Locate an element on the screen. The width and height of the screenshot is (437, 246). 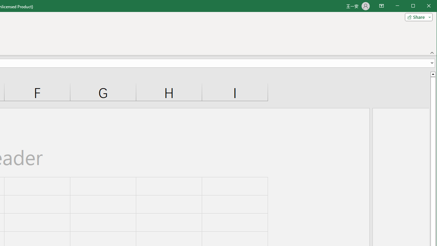
'Close' is located at coordinates (430, 6).